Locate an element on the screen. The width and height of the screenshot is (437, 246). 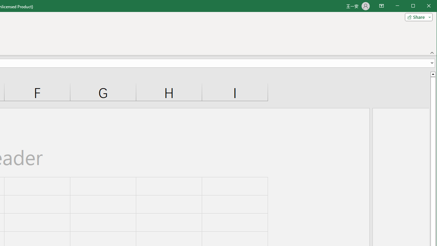
'Close' is located at coordinates (430, 6).